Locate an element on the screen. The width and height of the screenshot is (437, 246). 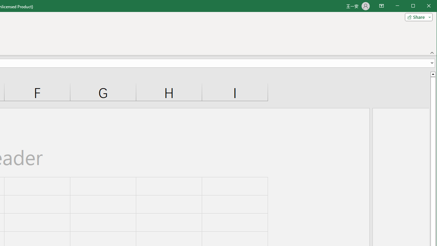
'Close' is located at coordinates (430, 6).